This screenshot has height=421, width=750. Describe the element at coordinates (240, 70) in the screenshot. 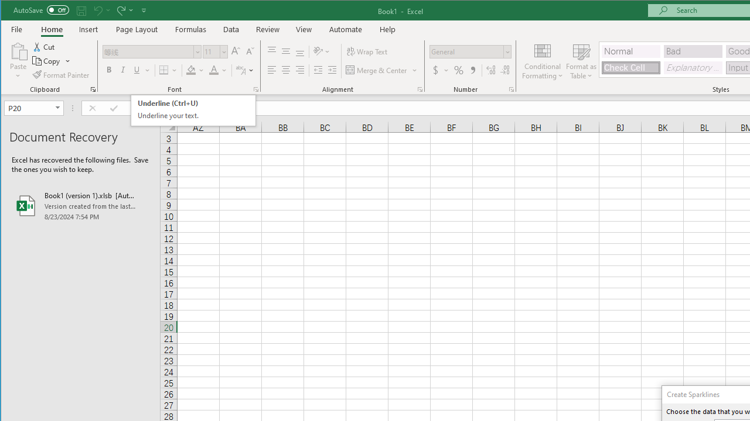

I see `'Show Phonetic Field'` at that location.